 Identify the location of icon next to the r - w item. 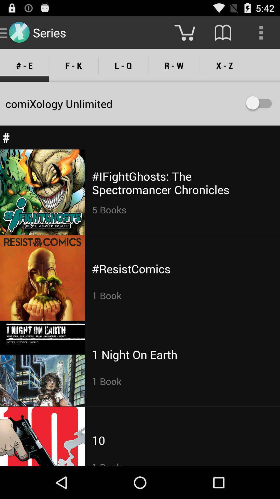
(123, 65).